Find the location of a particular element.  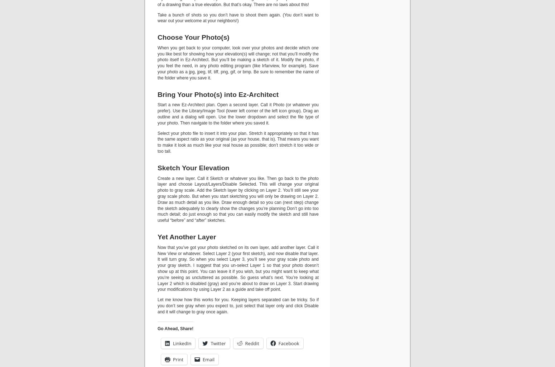

'LinkedIn' is located at coordinates (182, 343).